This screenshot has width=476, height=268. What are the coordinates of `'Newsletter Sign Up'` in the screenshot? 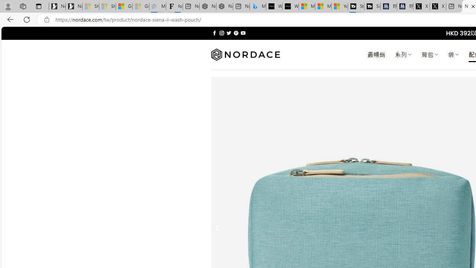 It's located at (74, 6).